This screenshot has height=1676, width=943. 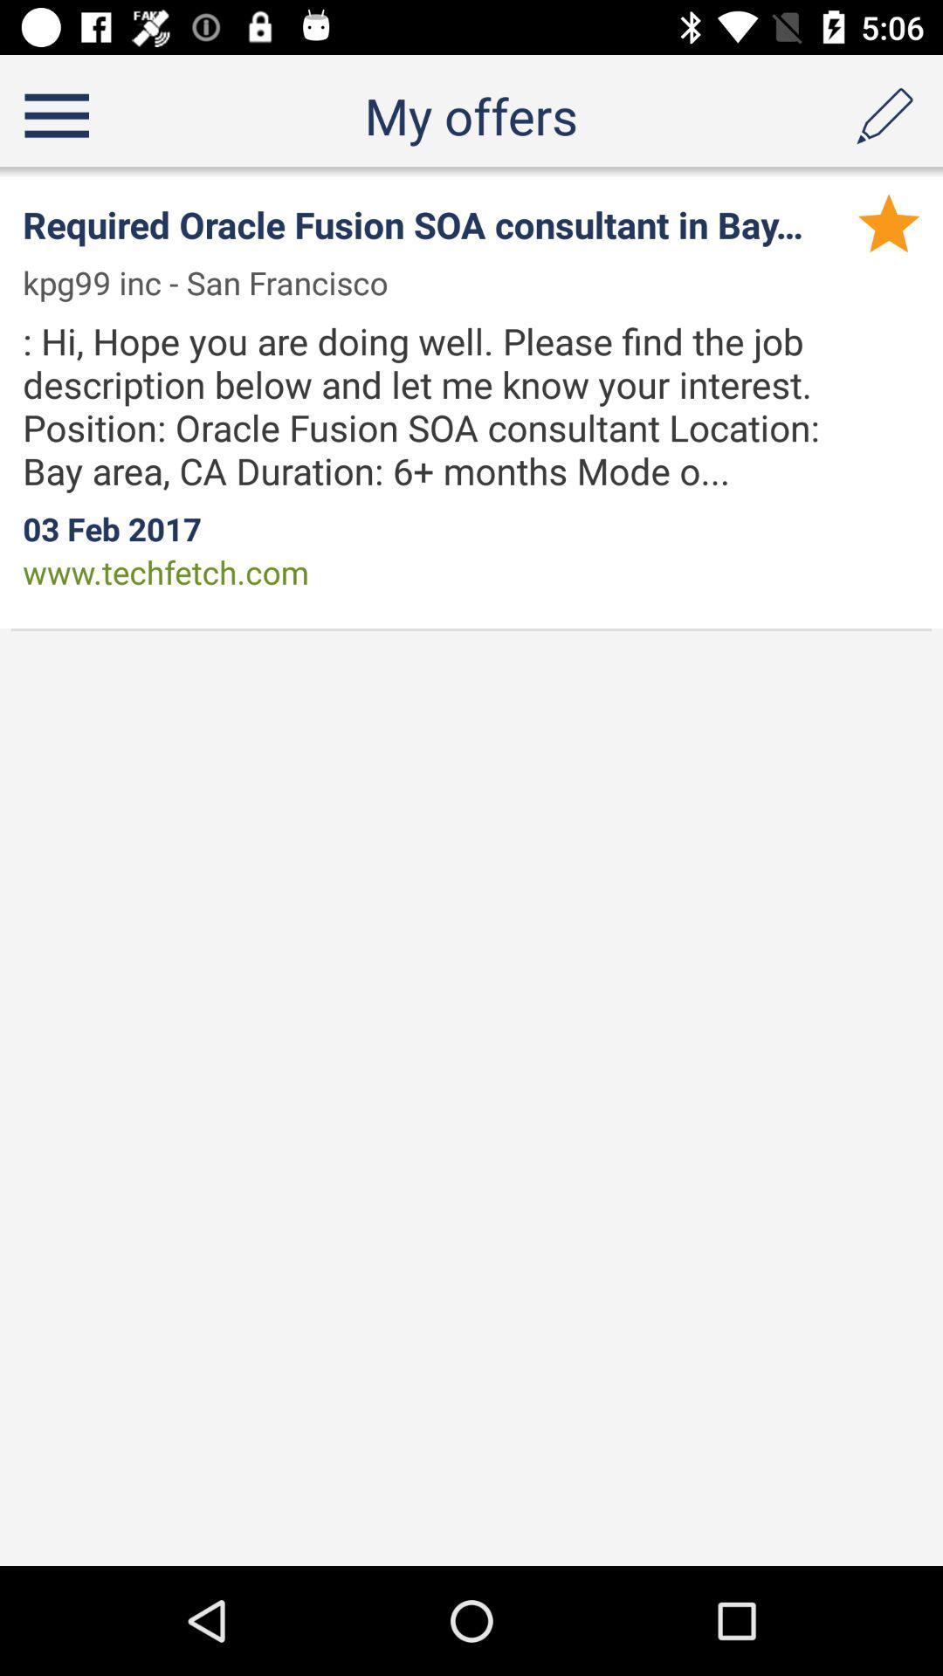 What do you see at coordinates (216, 283) in the screenshot?
I see `app below required oracle fusion item` at bounding box center [216, 283].